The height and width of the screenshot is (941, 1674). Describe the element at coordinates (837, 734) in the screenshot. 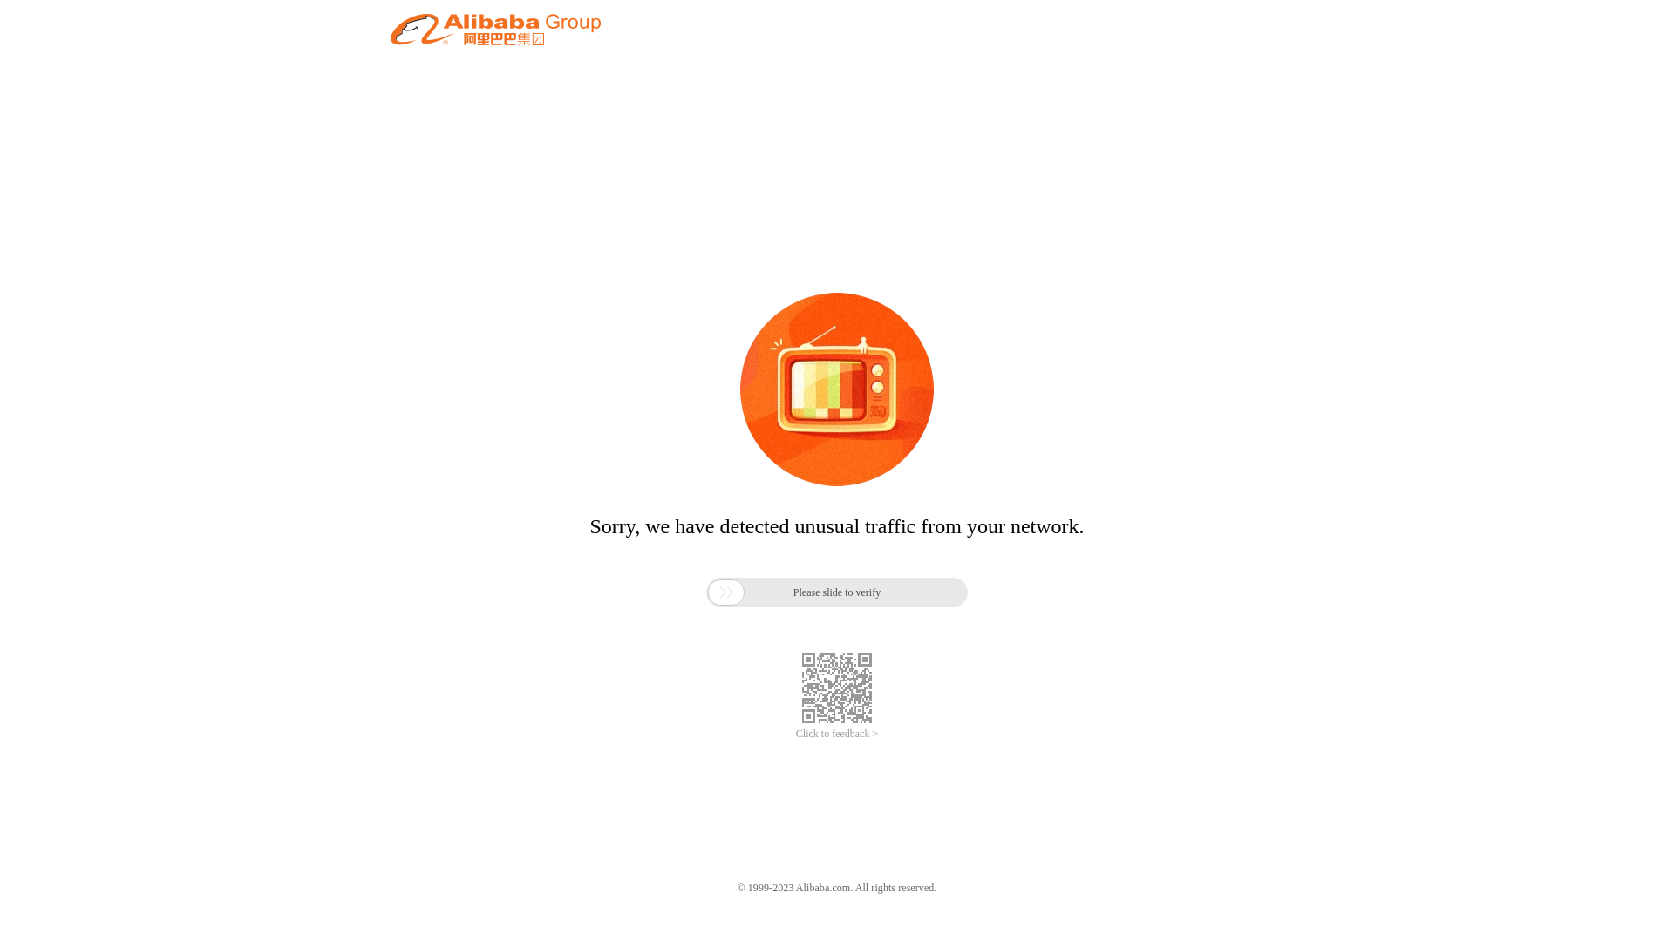

I see `'Click to feedback >'` at that location.